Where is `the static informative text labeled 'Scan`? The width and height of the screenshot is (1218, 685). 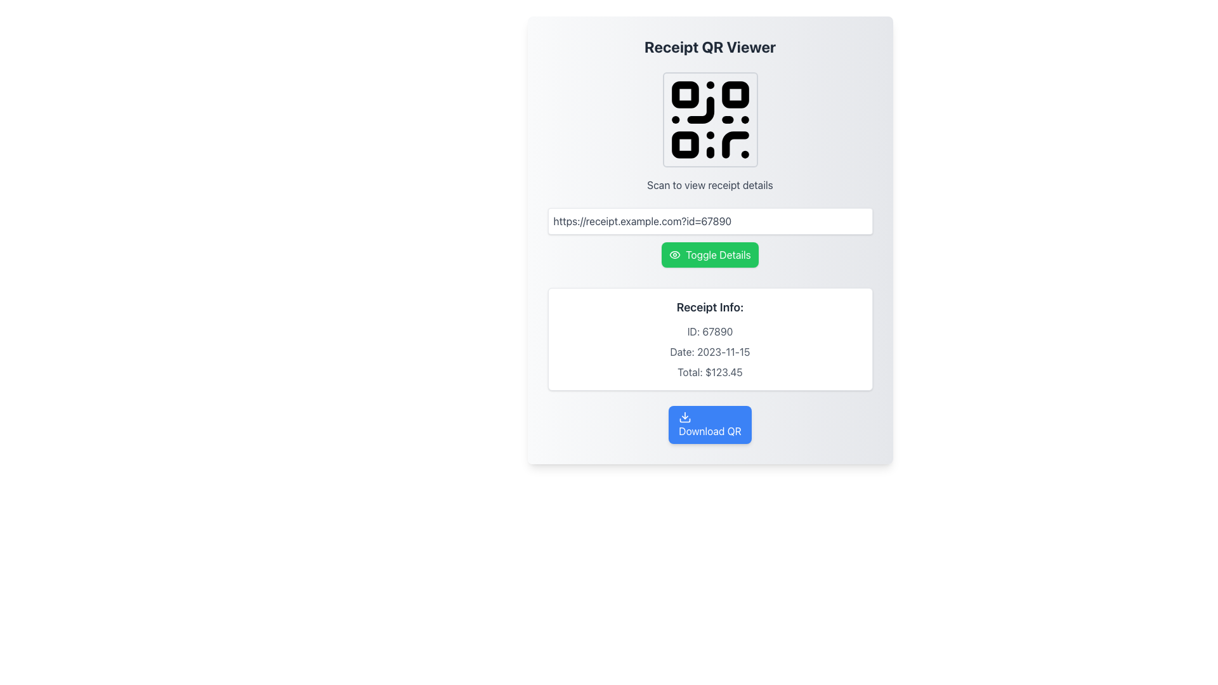
the static informative text labeled 'Scan is located at coordinates (709, 185).